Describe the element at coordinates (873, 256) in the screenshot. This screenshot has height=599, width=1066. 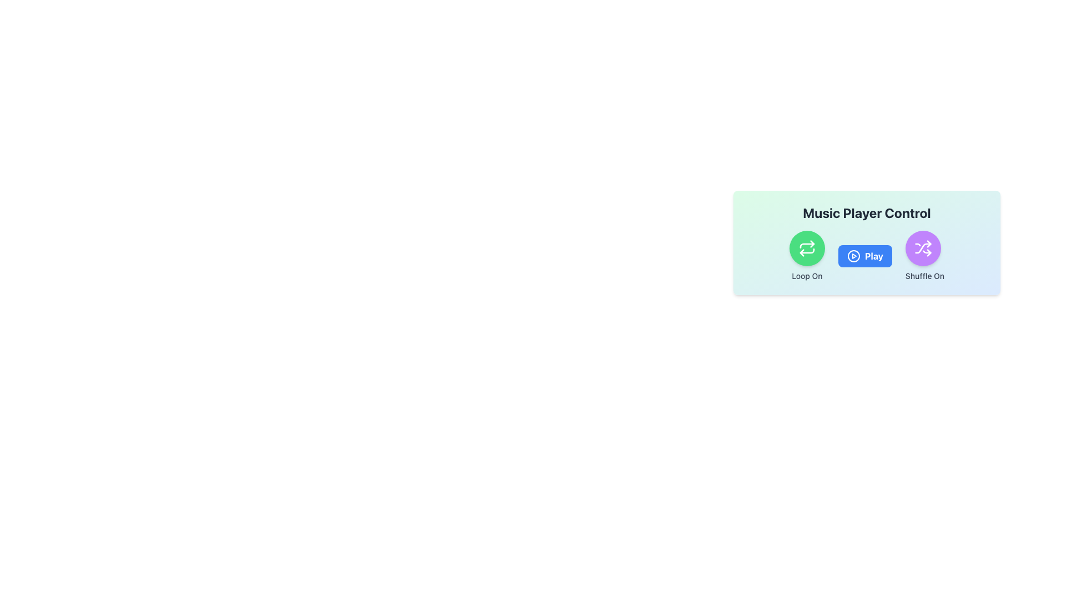
I see `the 'Play' text label located within the blue button on the music control panel, which indicates the action of starting or resuming music playback` at that location.